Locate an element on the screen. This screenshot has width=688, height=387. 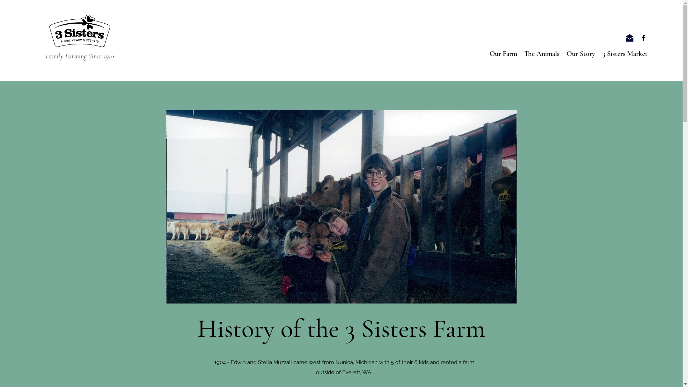
'Our Story' is located at coordinates (581, 53).